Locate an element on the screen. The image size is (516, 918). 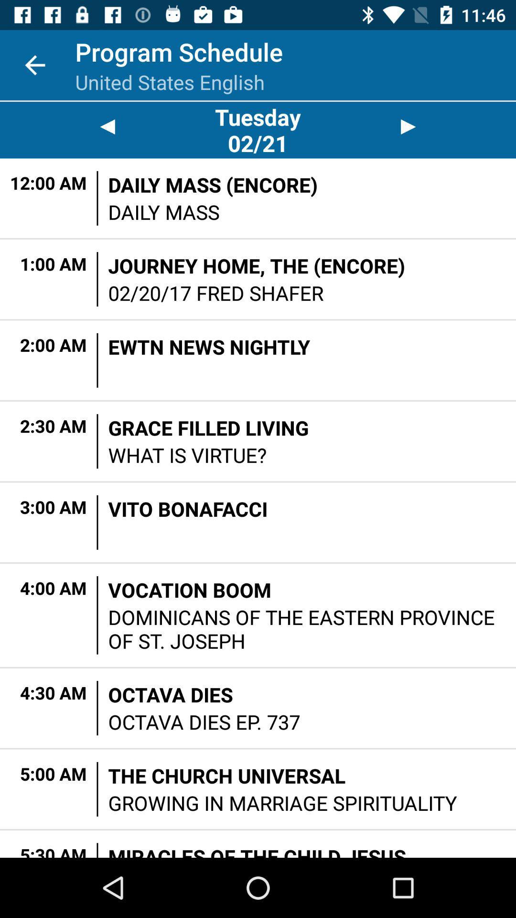
next day is located at coordinates (408, 126).